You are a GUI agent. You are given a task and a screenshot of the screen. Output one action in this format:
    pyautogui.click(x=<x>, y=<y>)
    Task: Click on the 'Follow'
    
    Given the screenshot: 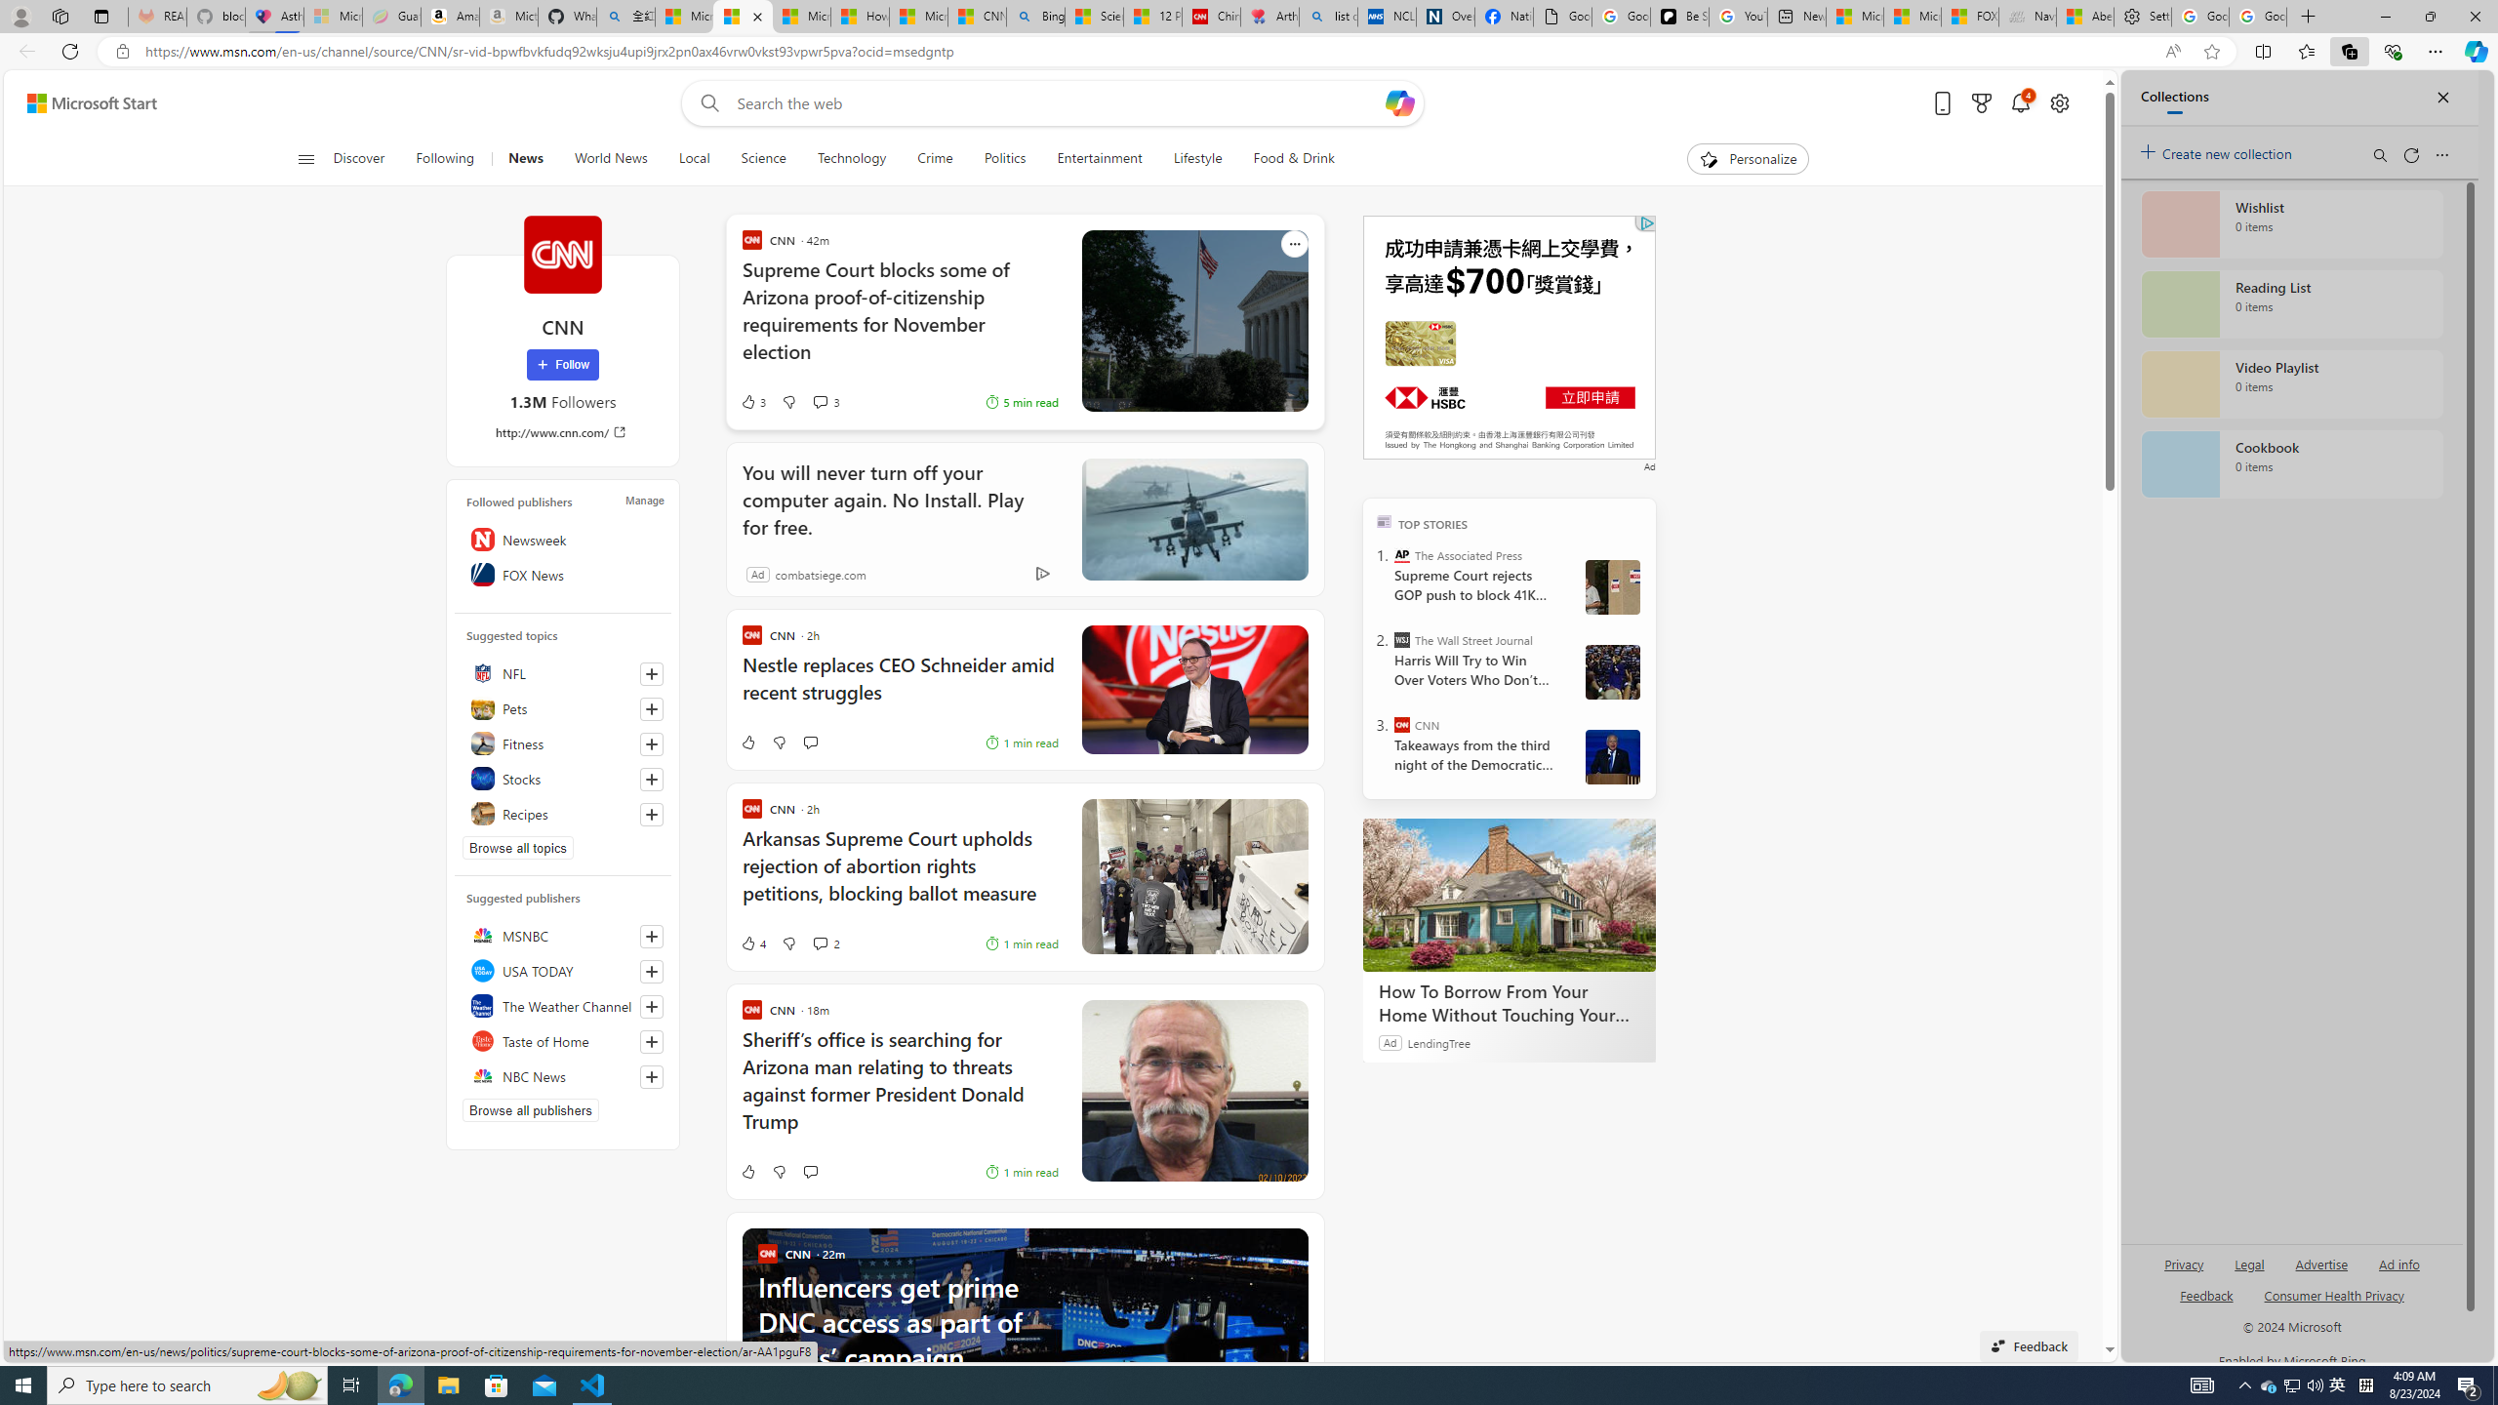 What is the action you would take?
    pyautogui.click(x=562, y=365)
    